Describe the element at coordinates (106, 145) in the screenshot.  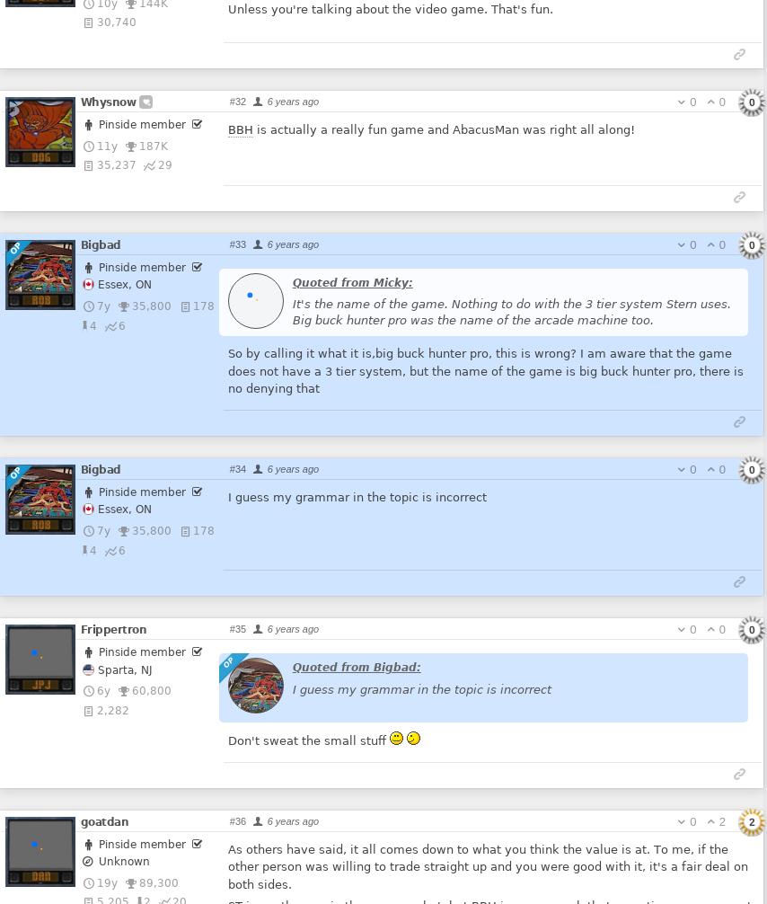
I see `'11y'` at that location.